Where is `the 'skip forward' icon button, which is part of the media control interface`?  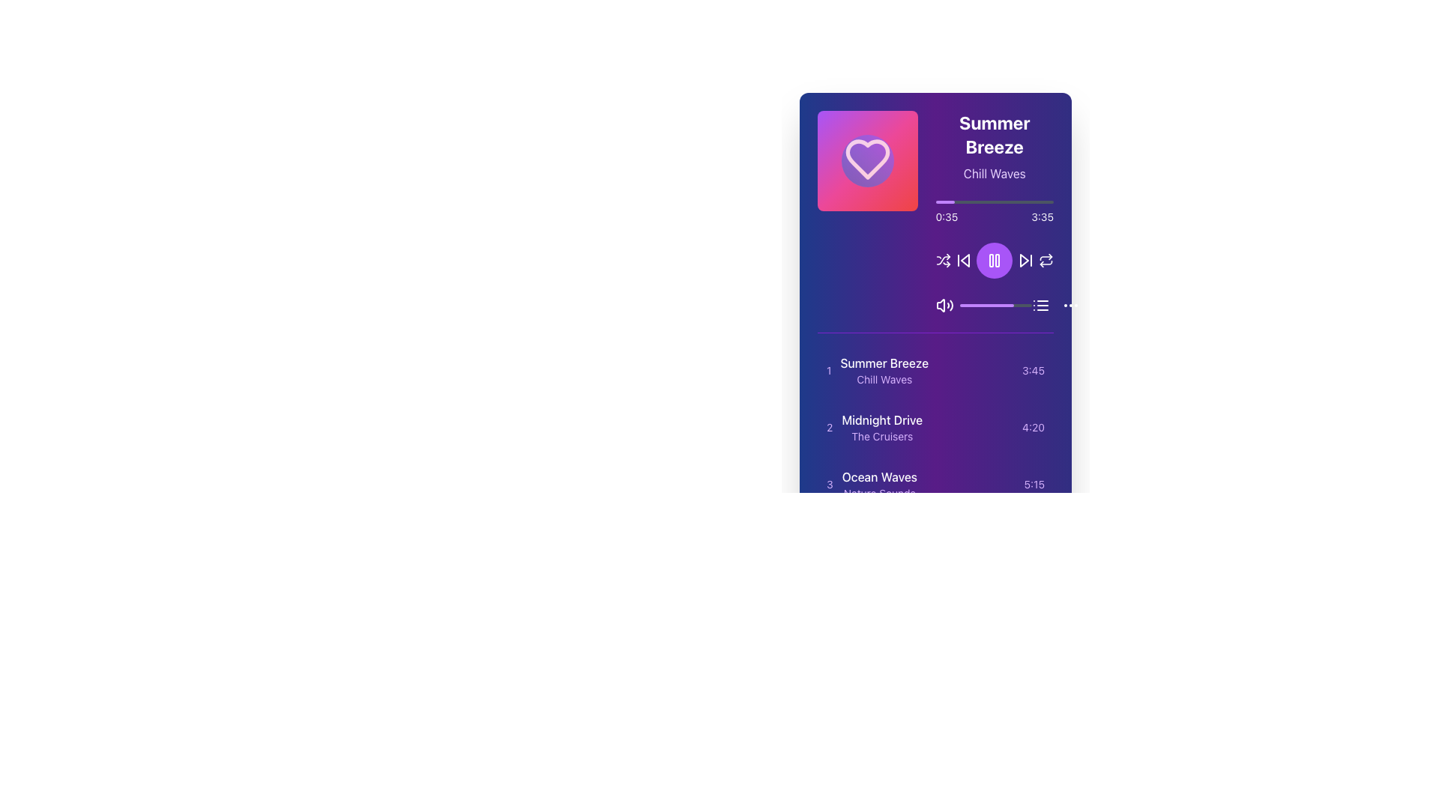 the 'skip forward' icon button, which is part of the media control interface is located at coordinates (1025, 259).